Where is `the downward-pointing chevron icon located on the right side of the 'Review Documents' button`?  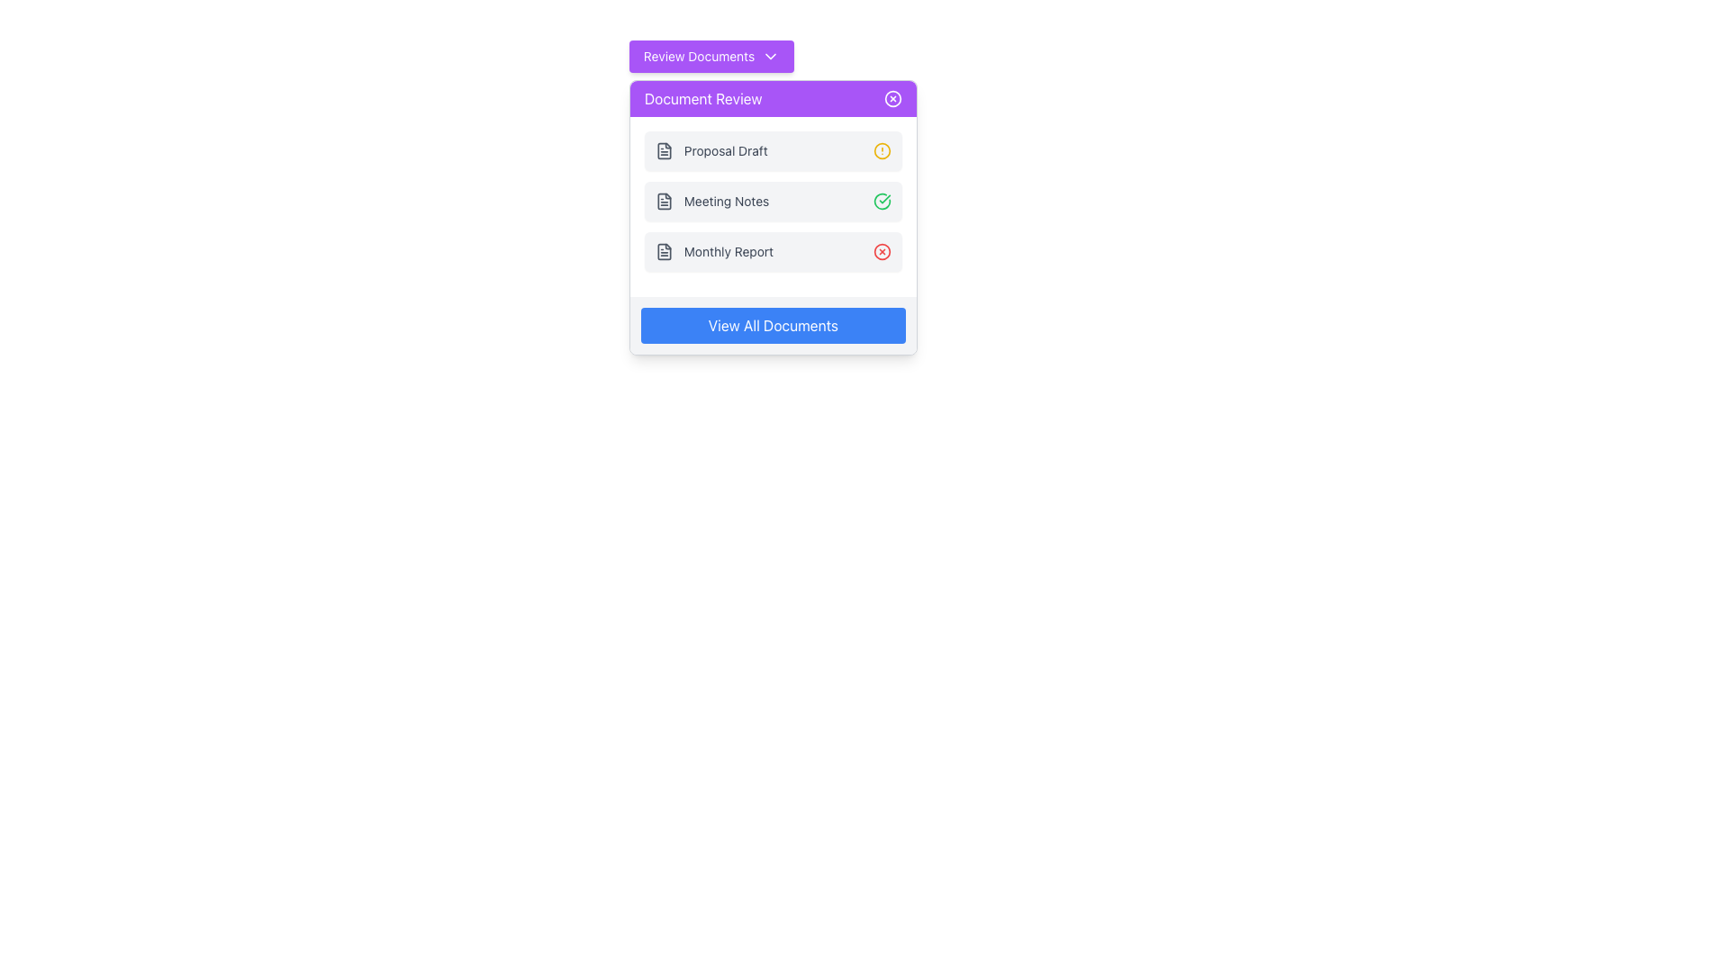
the downward-pointing chevron icon located on the right side of the 'Review Documents' button is located at coordinates (771, 55).